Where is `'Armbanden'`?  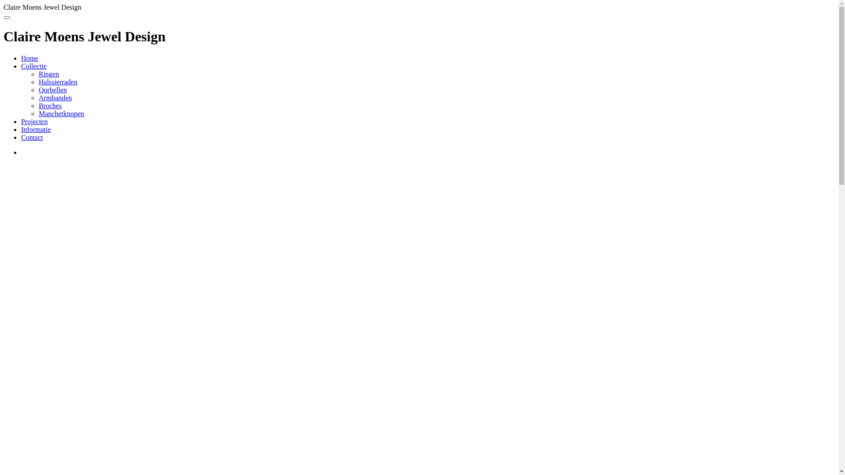
'Armbanden' is located at coordinates (55, 98).